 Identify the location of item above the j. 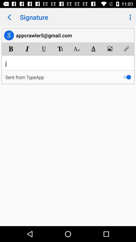
(110, 49).